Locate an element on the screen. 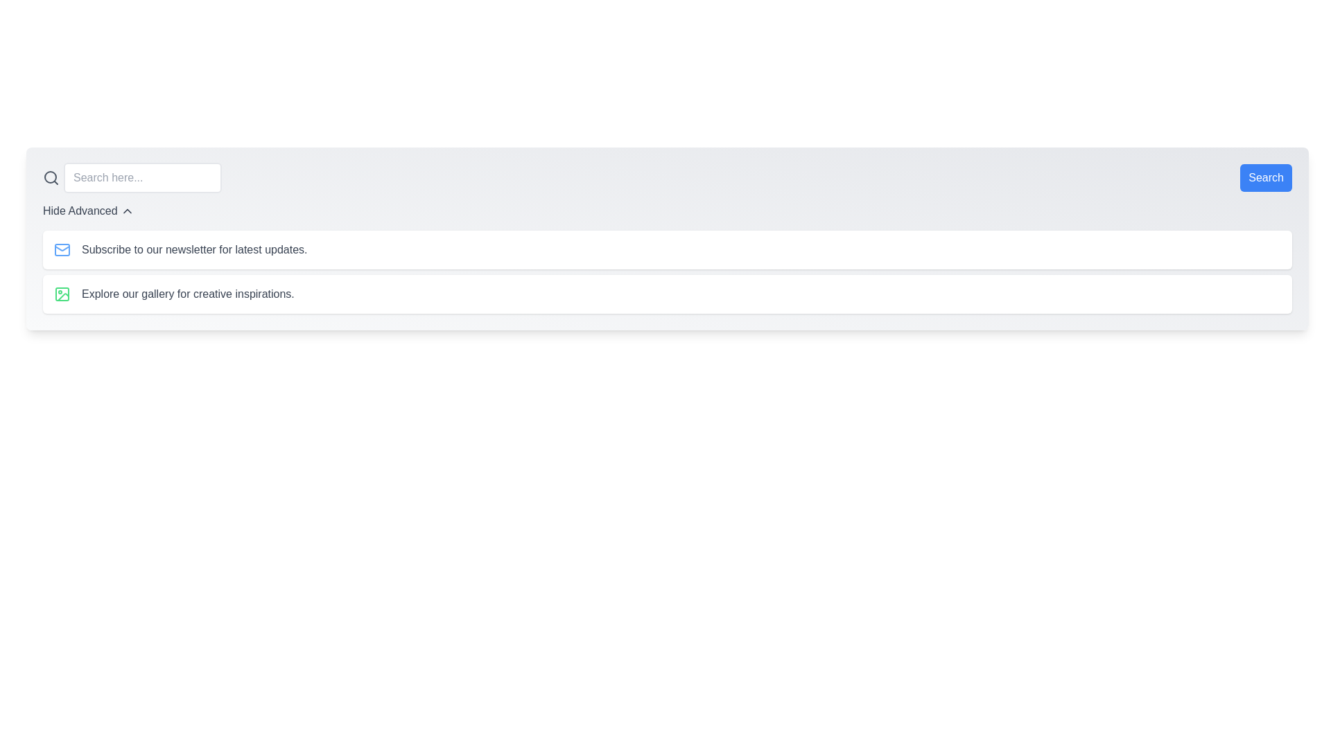 The height and width of the screenshot is (748, 1331). the 'Hide Advanced' text label is located at coordinates (79, 211).